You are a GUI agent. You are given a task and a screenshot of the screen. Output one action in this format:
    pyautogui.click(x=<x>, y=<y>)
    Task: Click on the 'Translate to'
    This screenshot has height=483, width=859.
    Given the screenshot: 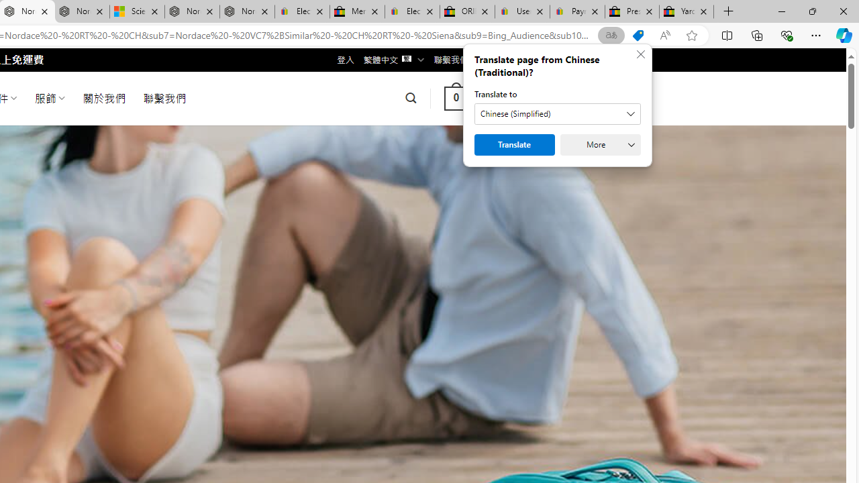 What is the action you would take?
    pyautogui.click(x=557, y=113)
    